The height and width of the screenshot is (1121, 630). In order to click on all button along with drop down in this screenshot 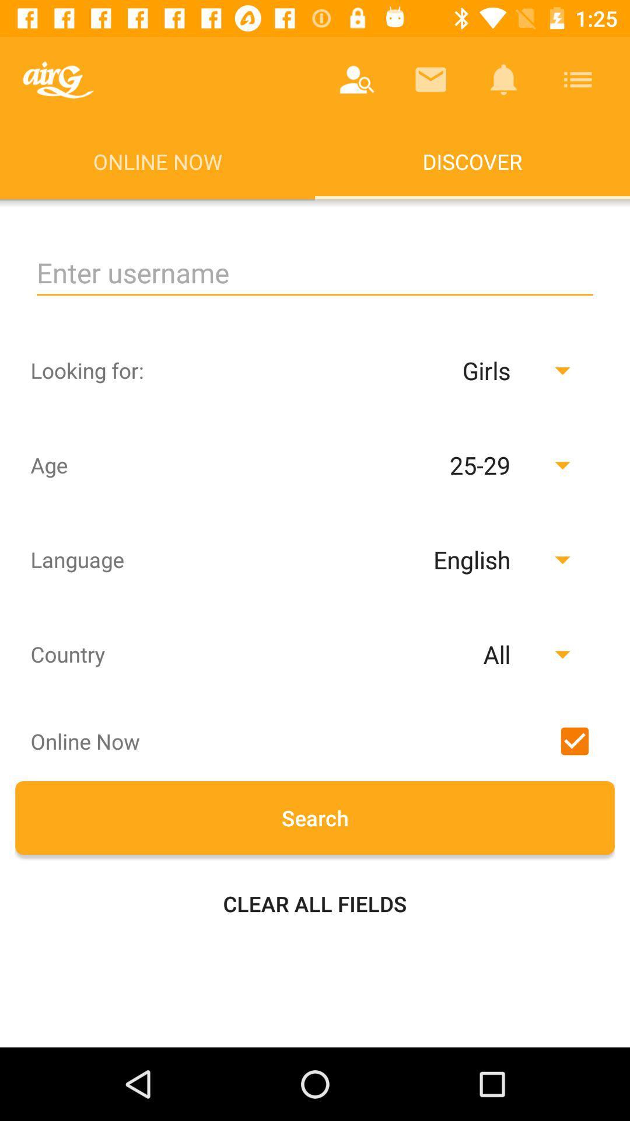, I will do `click(433, 654)`.